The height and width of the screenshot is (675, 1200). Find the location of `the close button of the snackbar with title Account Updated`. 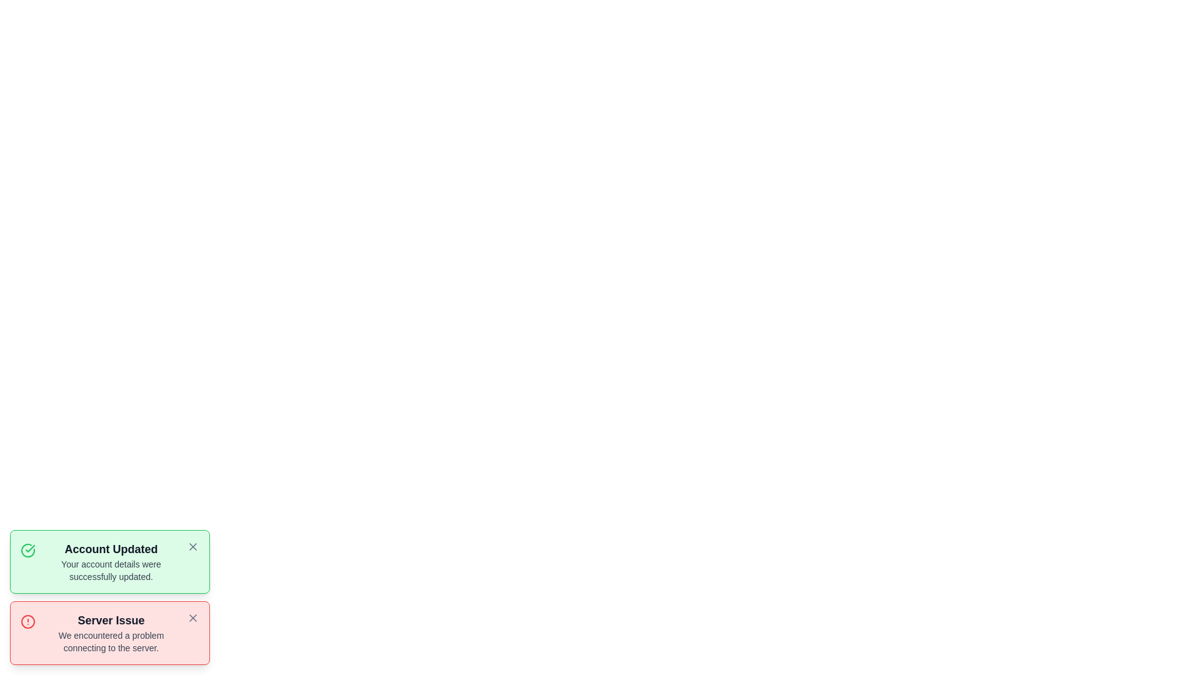

the close button of the snackbar with title Account Updated is located at coordinates (192, 546).